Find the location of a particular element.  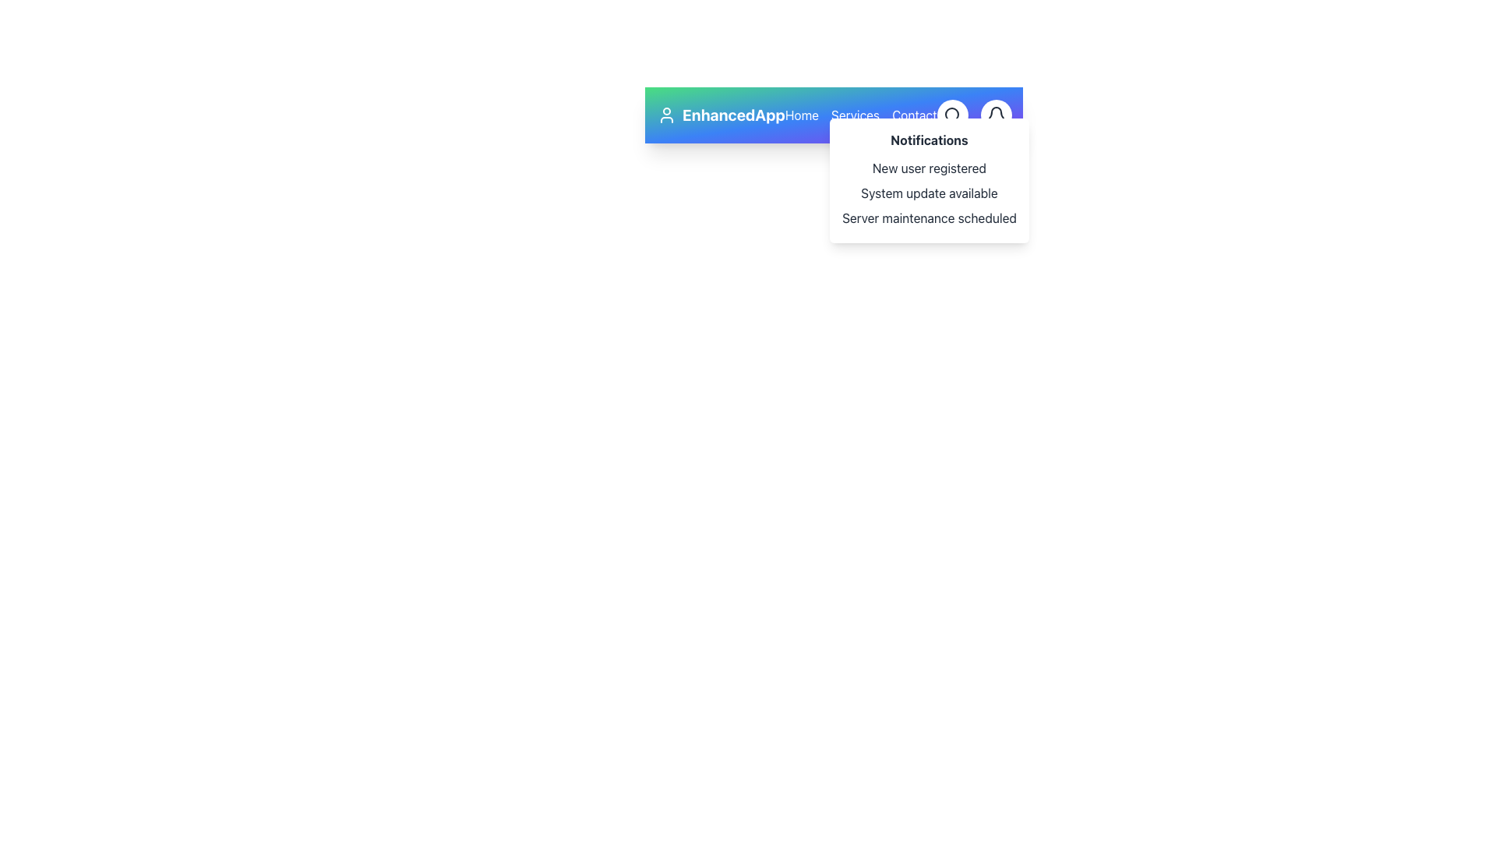

the circular notification button with a bell icon located at the top-right corner of the blue navigation bar is located at coordinates (995, 114).